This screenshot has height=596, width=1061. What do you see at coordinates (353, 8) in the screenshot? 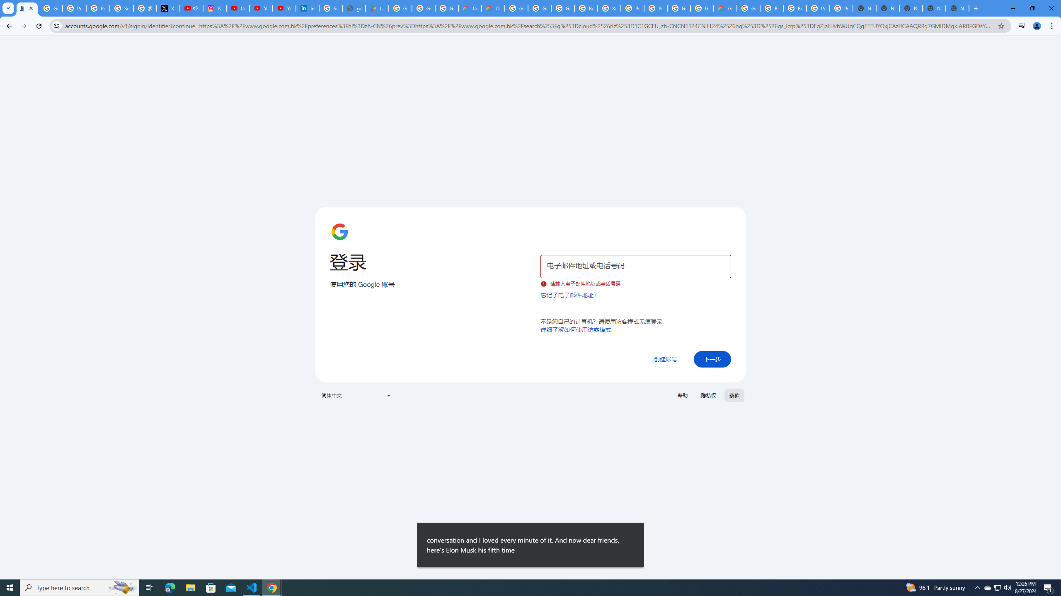
I see `'google_privacy_policy_en.pdf'` at bounding box center [353, 8].